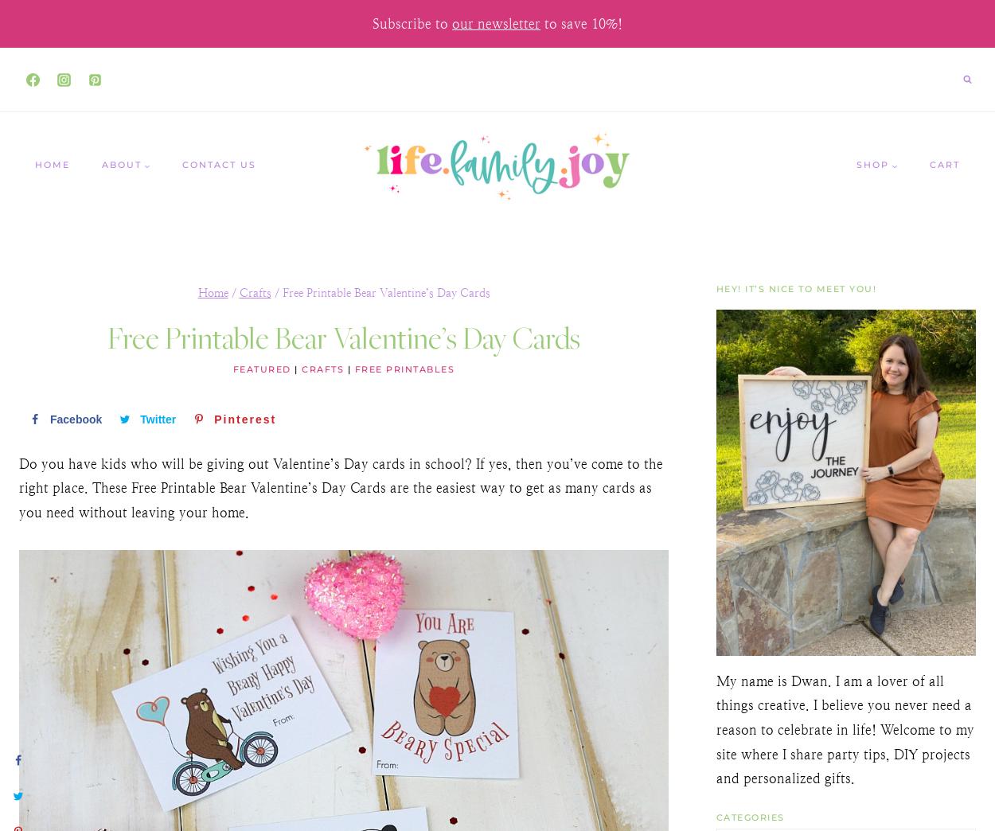 The image size is (995, 831). What do you see at coordinates (412, 22) in the screenshot?
I see `'Subscribe to'` at bounding box center [412, 22].